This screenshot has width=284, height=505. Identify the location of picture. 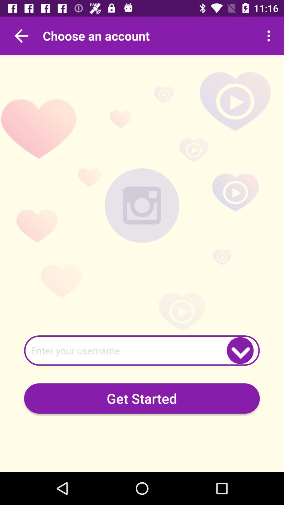
(142, 205).